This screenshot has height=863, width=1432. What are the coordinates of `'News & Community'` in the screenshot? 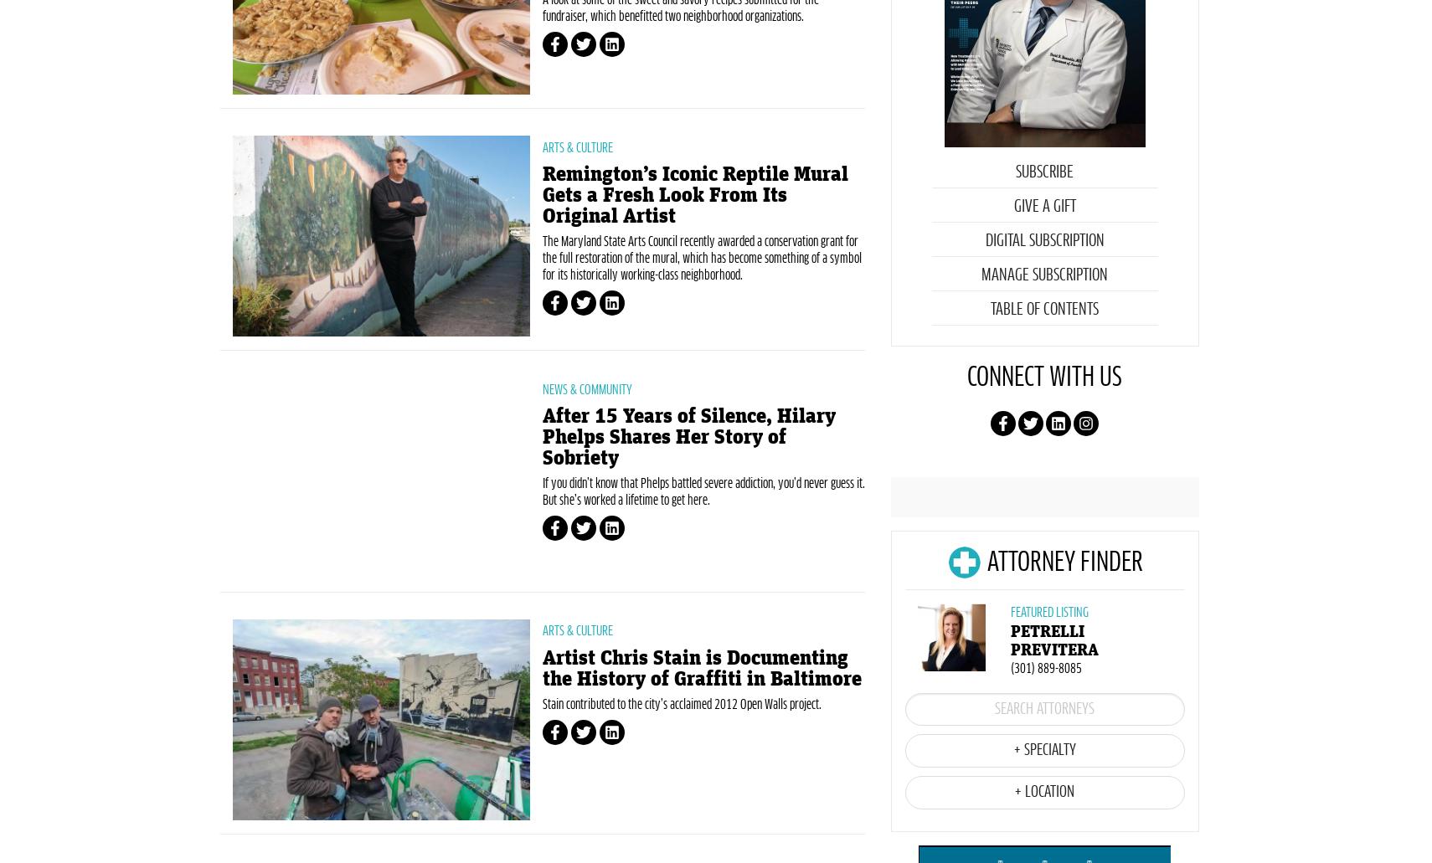 It's located at (586, 476).